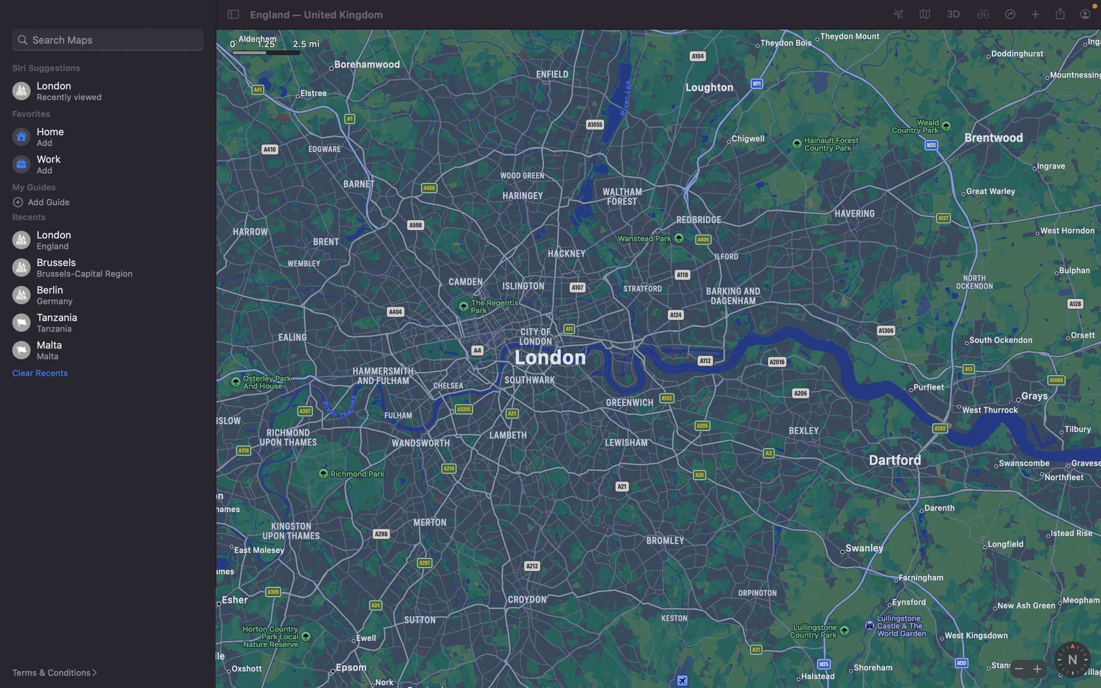  What do you see at coordinates (899, 15) in the screenshot?
I see `Show your current location on the map` at bounding box center [899, 15].